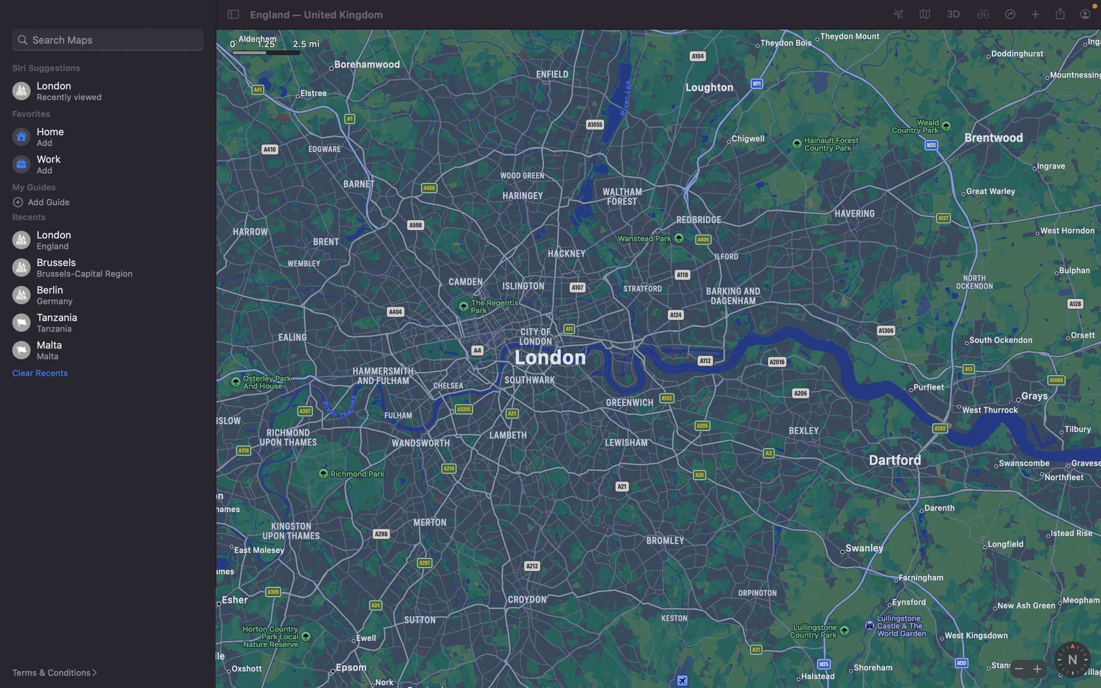  What do you see at coordinates (899, 15) in the screenshot?
I see `Show your current location on the map` at bounding box center [899, 15].